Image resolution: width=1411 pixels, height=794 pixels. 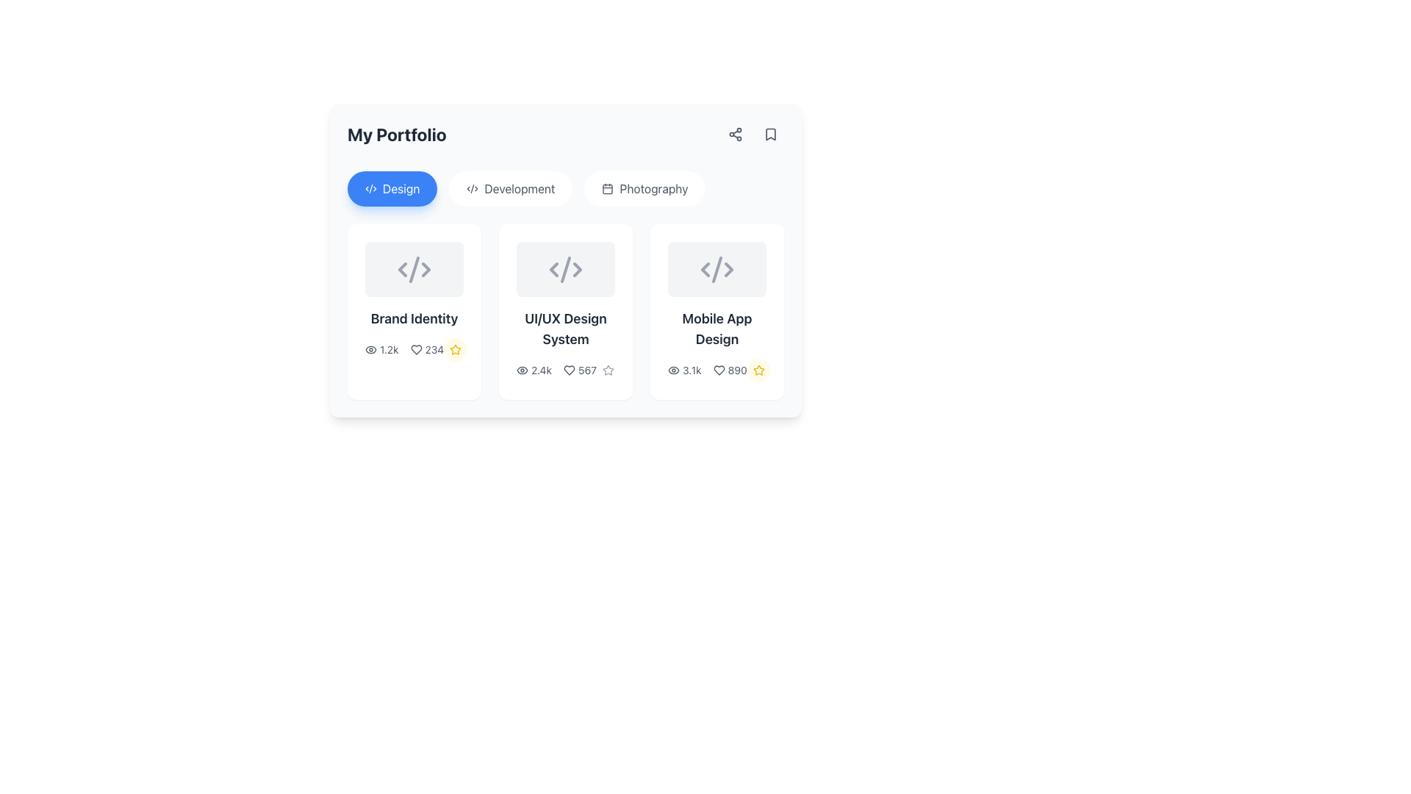 What do you see at coordinates (414, 349) in the screenshot?
I see `the icons representing numerical statistics (eye, heart, star) in the lower section of the 'Brand Identity' card in the 'Design' category` at bounding box center [414, 349].